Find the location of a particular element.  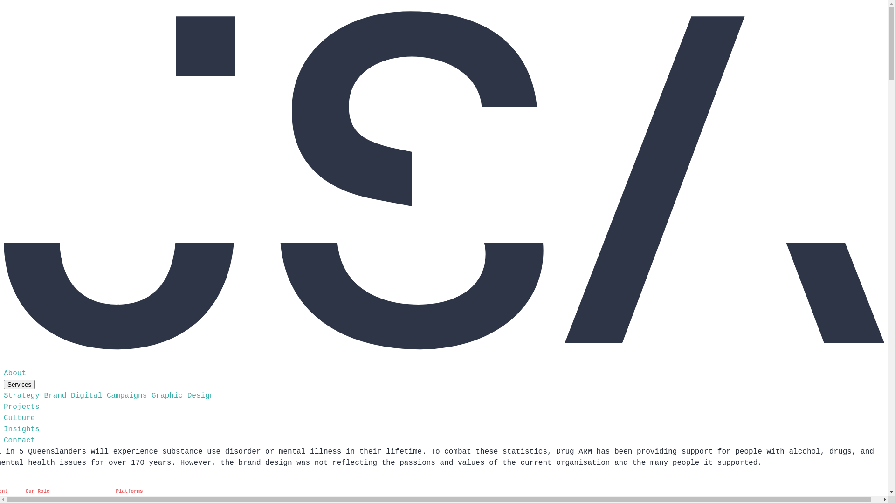

'Culture' is located at coordinates (19, 418).